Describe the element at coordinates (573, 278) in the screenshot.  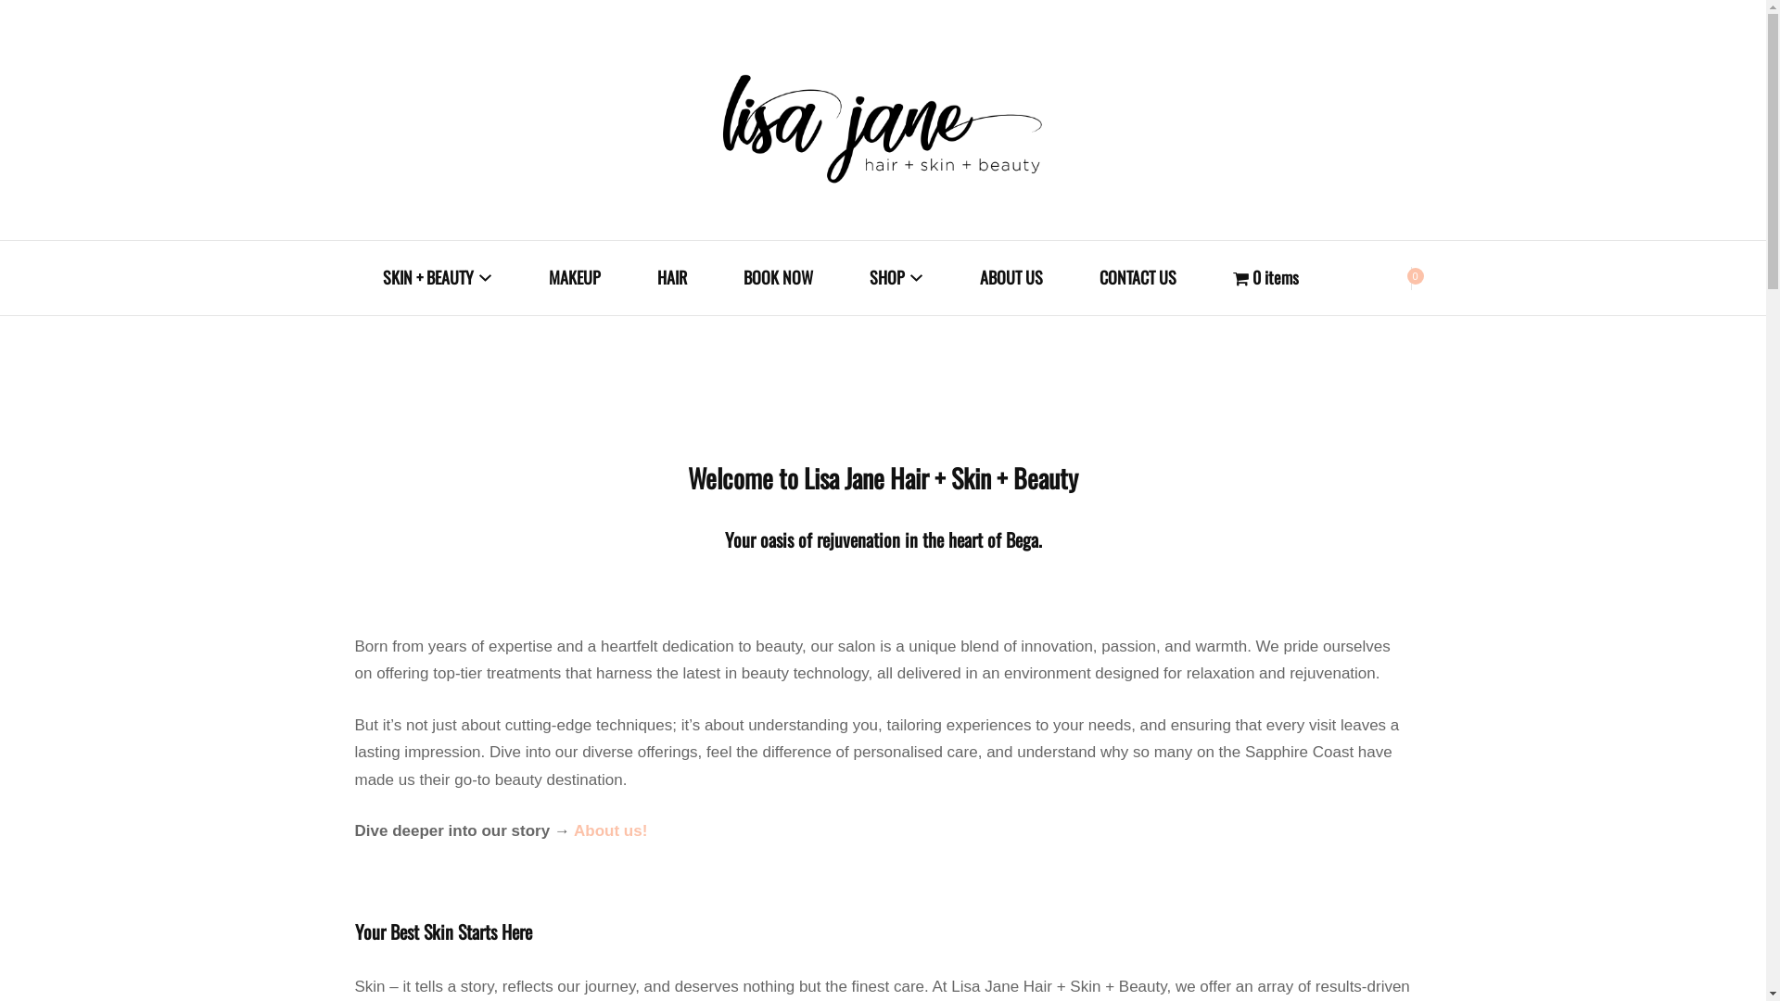
I see `'MAKEUP'` at that location.